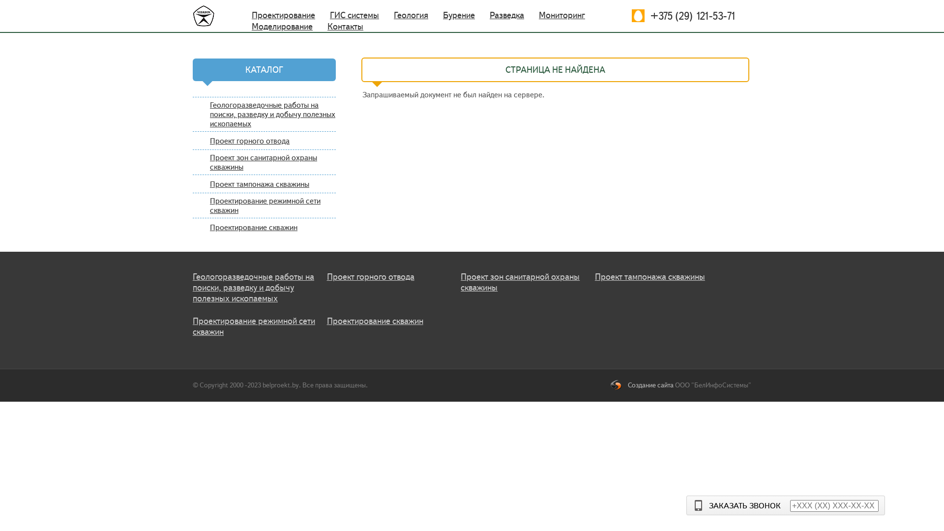 The height and width of the screenshot is (531, 944). I want to click on '+375 (29) 121-53-71', so click(683, 16).